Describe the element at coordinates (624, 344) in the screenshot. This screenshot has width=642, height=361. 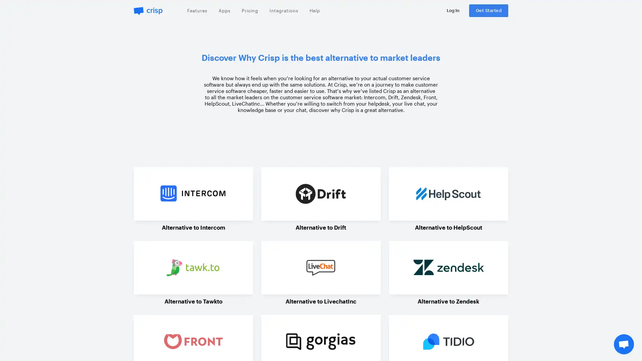
I see `Questions? Chat with us! Support is online. Chat with Crisp Team` at that location.